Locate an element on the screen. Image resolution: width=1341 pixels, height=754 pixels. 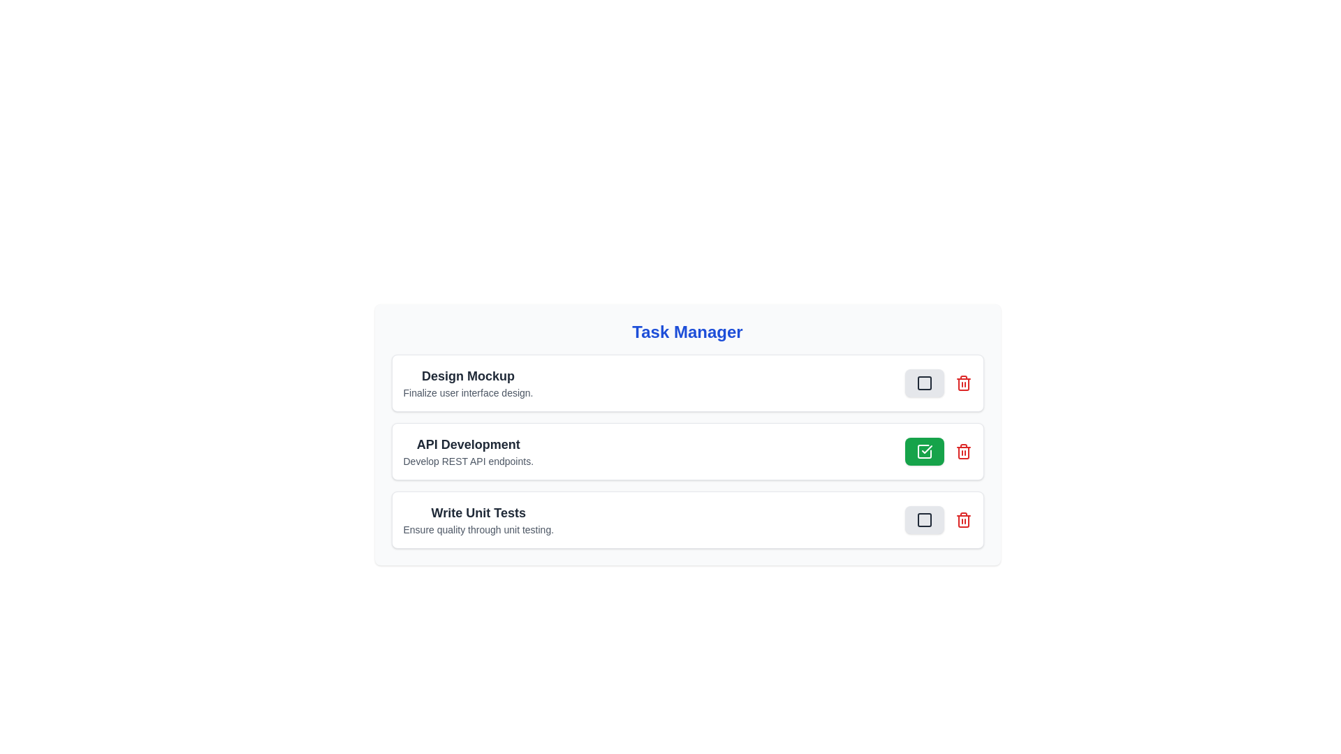
text content of the Task entry component labeled 'API Development' with the subtitle 'Develop REST API endpoints.', which is the second item in a vertical list of tasks is located at coordinates (468, 452).